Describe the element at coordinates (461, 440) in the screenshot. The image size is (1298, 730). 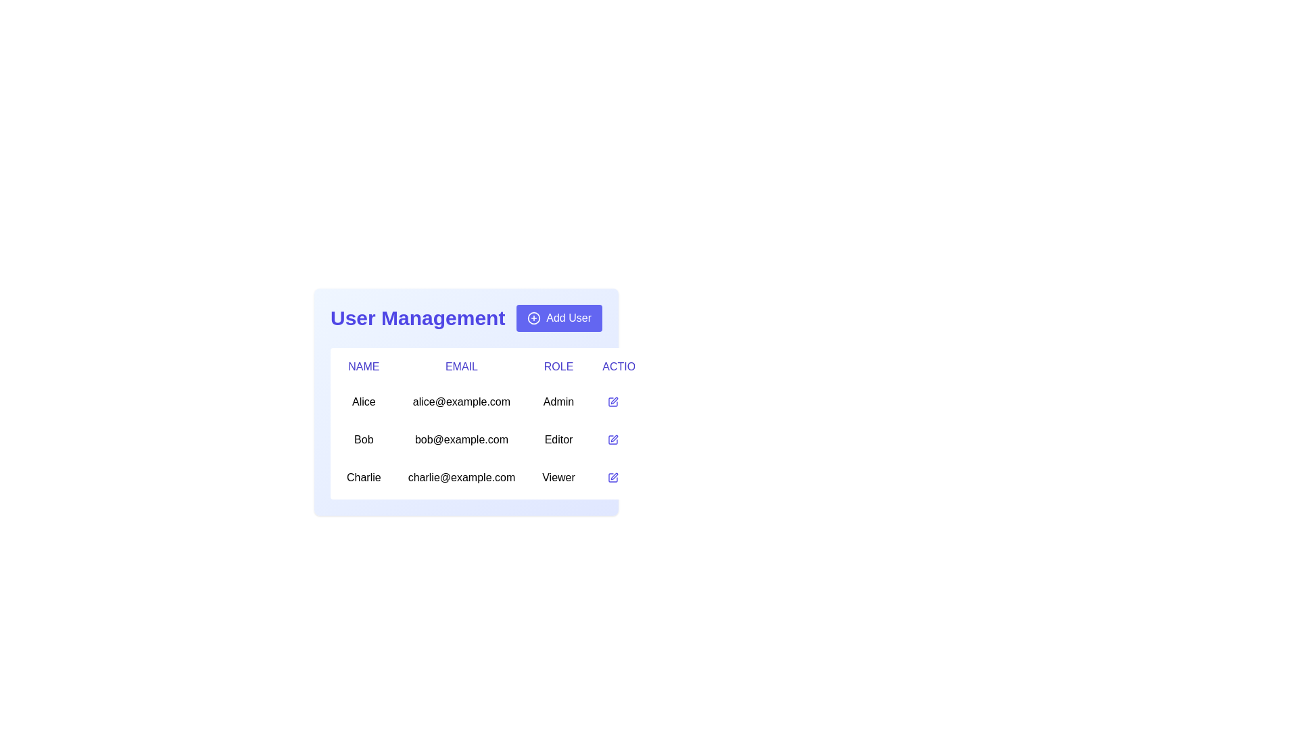
I see `the email address label for user 'Bob' in the 'User Management' interface, which is the second row of the 'EMAIL' column` at that location.